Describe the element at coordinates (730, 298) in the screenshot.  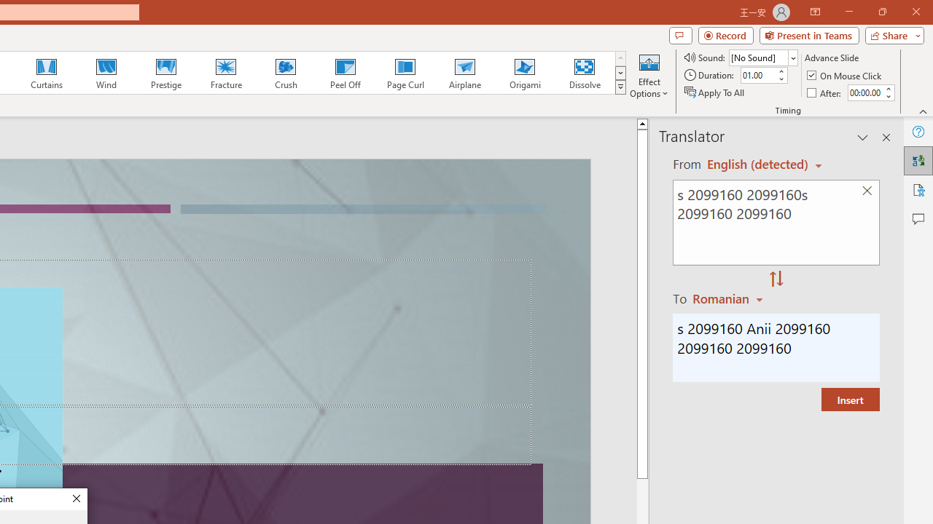
I see `'Romanian'` at that location.